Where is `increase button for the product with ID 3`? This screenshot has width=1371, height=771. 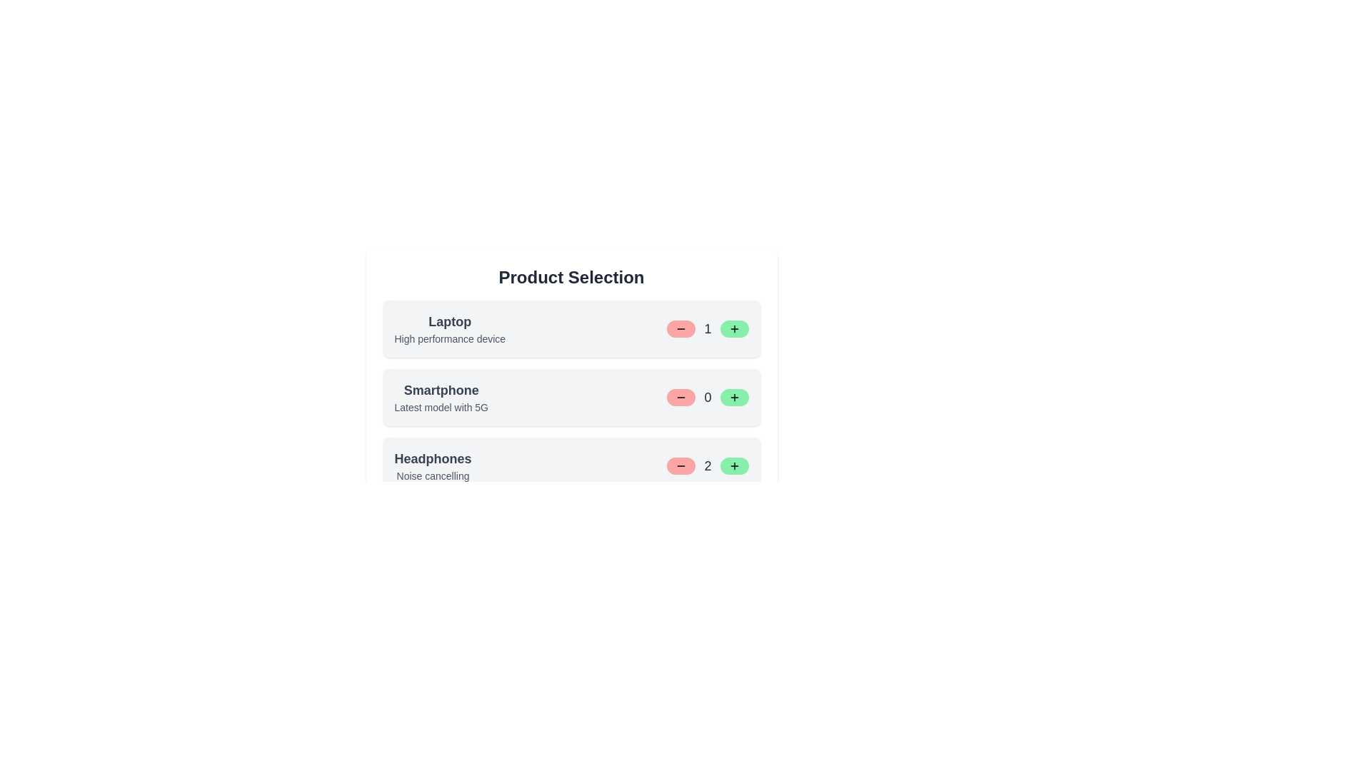
increase button for the product with ID 3 is located at coordinates (734, 465).